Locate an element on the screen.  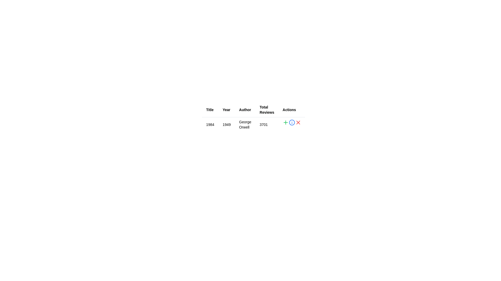
the delete button located at the far-right of the action icons row, following the 'Info' icon, to enable keyboard interaction is located at coordinates (298, 122).